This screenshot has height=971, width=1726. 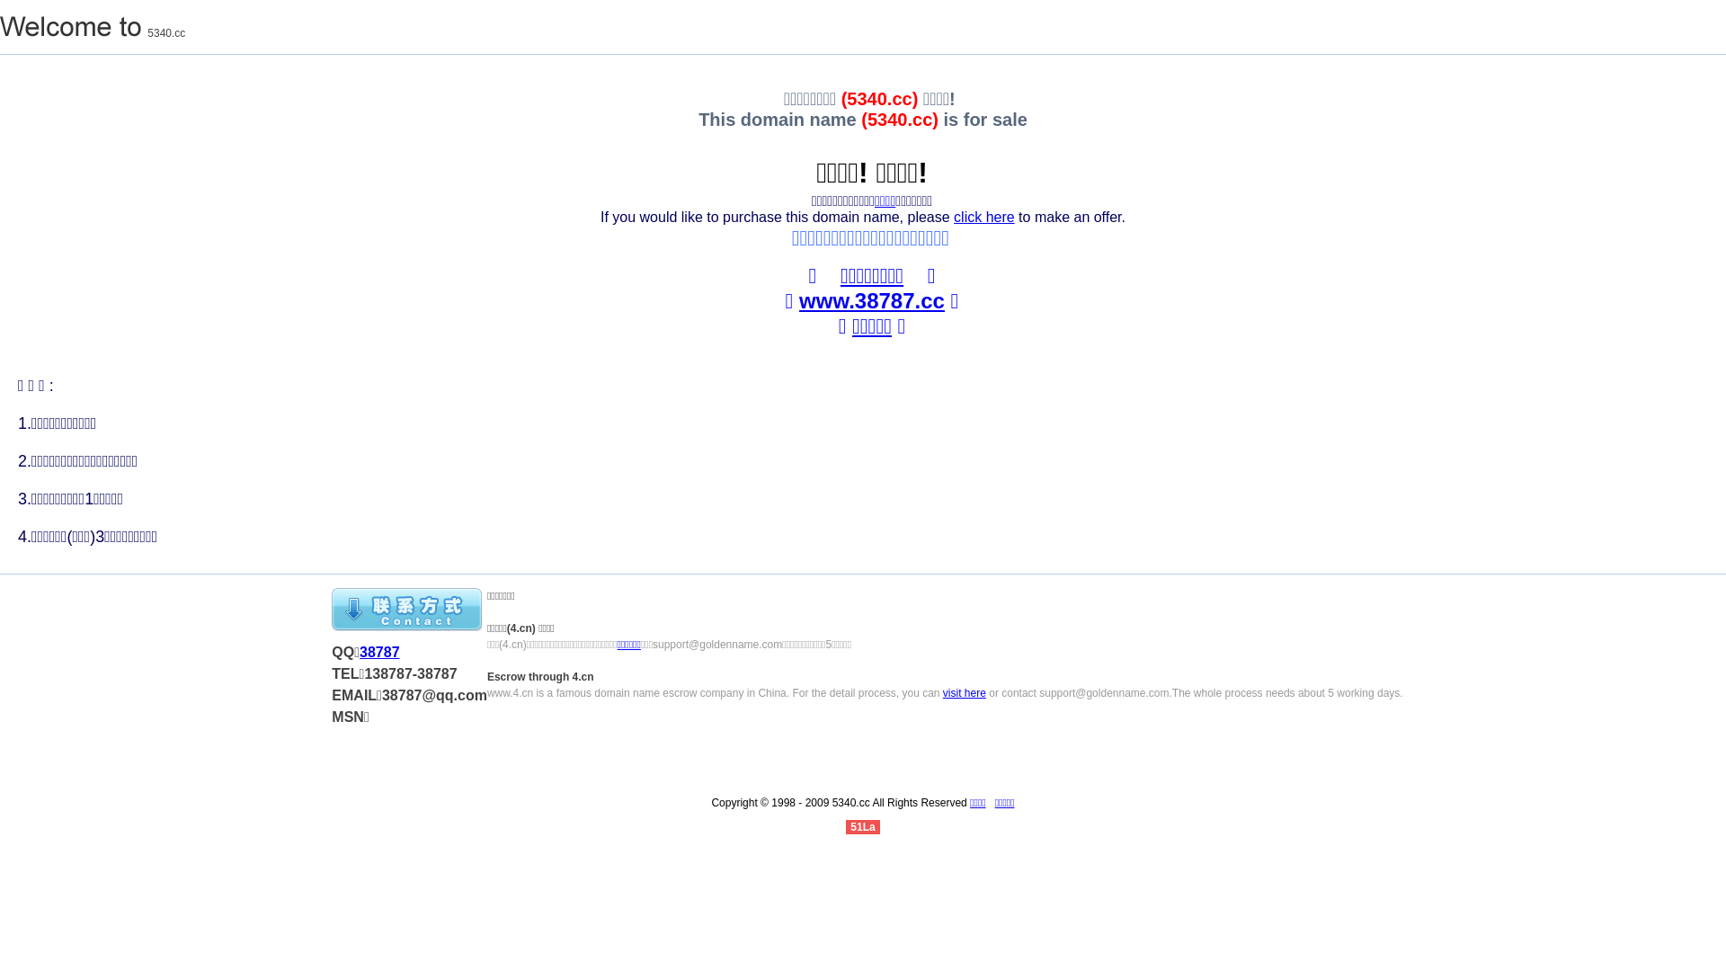 I want to click on 'visit here', so click(x=964, y=692).